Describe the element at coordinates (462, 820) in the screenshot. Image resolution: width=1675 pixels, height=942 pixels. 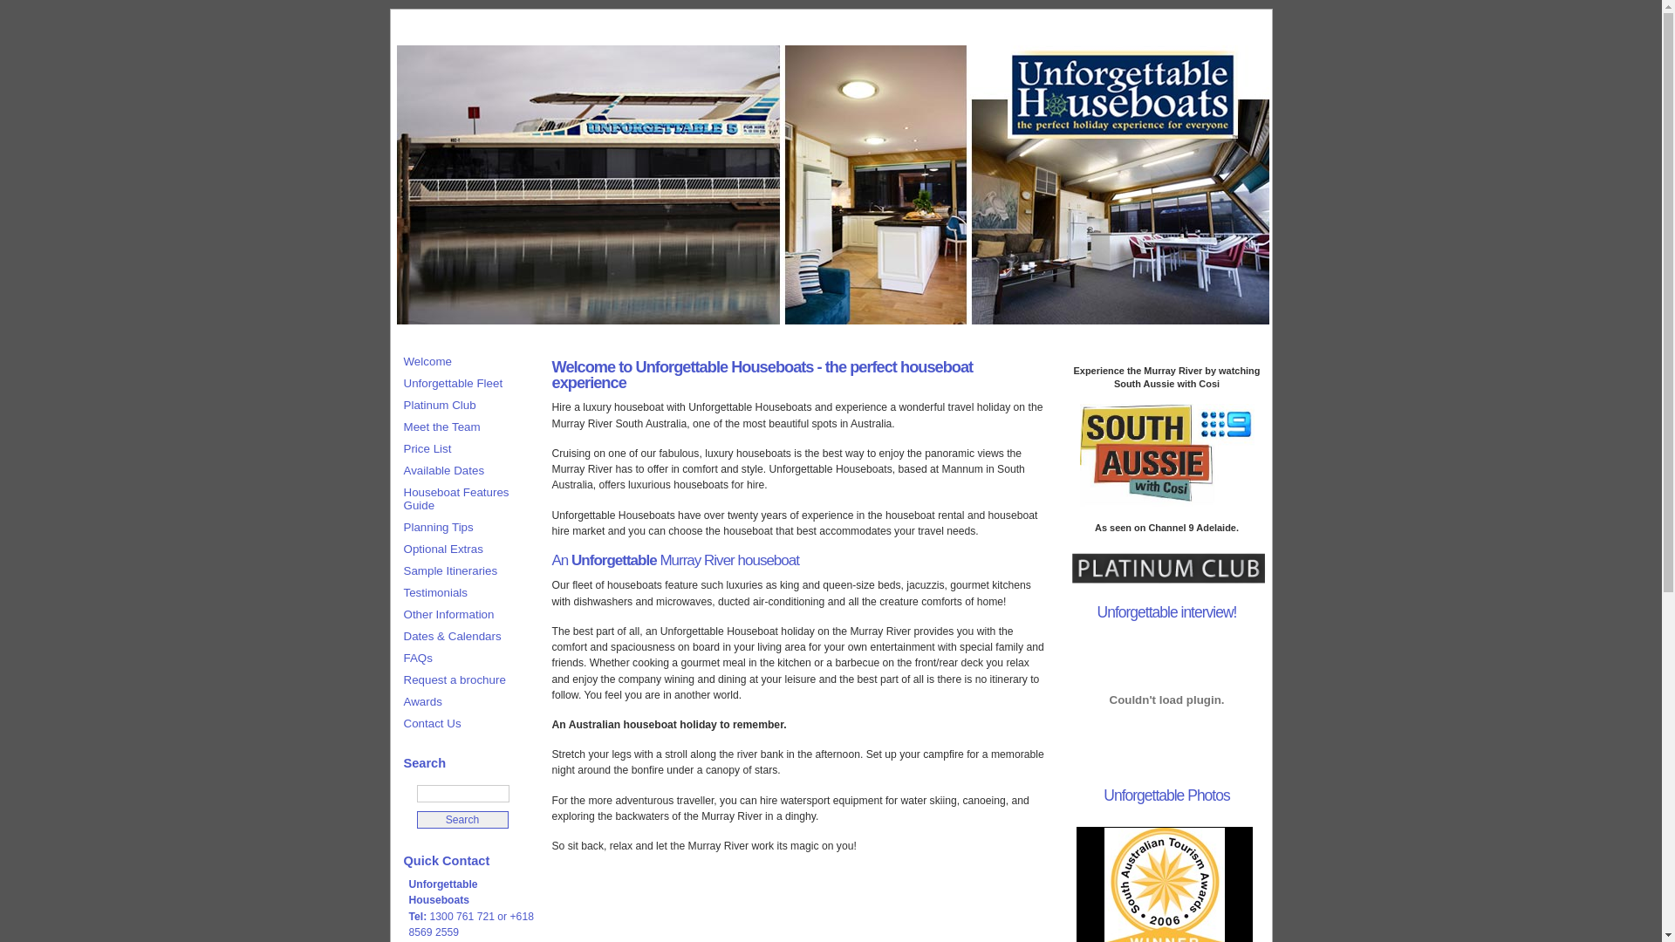
I see `'Search'` at that location.